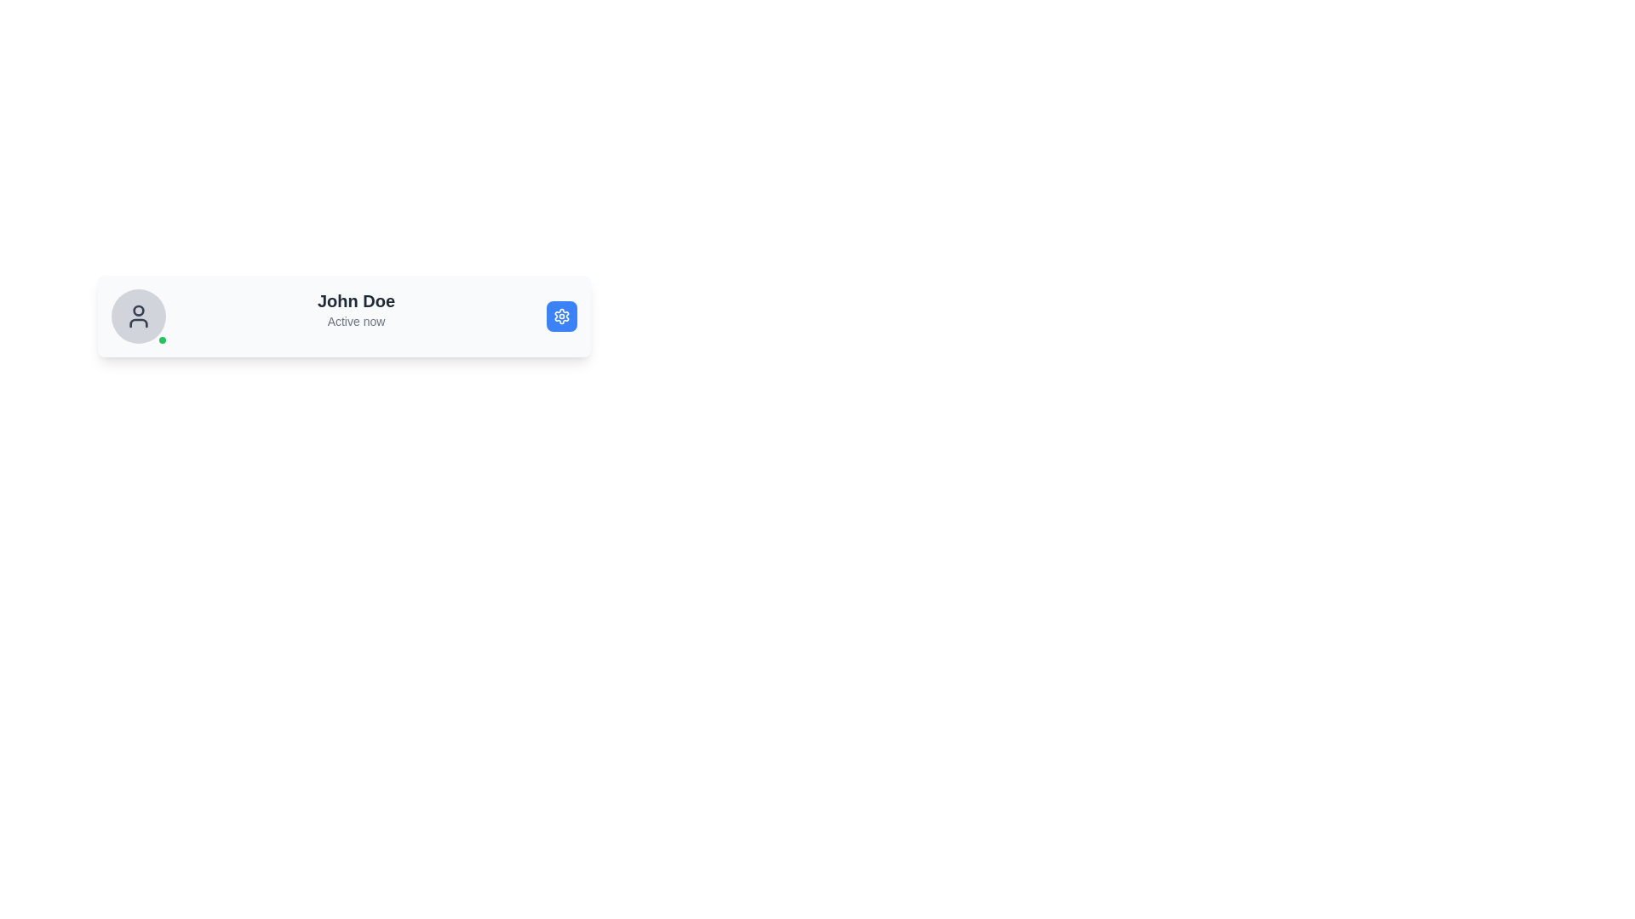  What do you see at coordinates (562, 316) in the screenshot?
I see `the blue circular settings button with a gear icon` at bounding box center [562, 316].